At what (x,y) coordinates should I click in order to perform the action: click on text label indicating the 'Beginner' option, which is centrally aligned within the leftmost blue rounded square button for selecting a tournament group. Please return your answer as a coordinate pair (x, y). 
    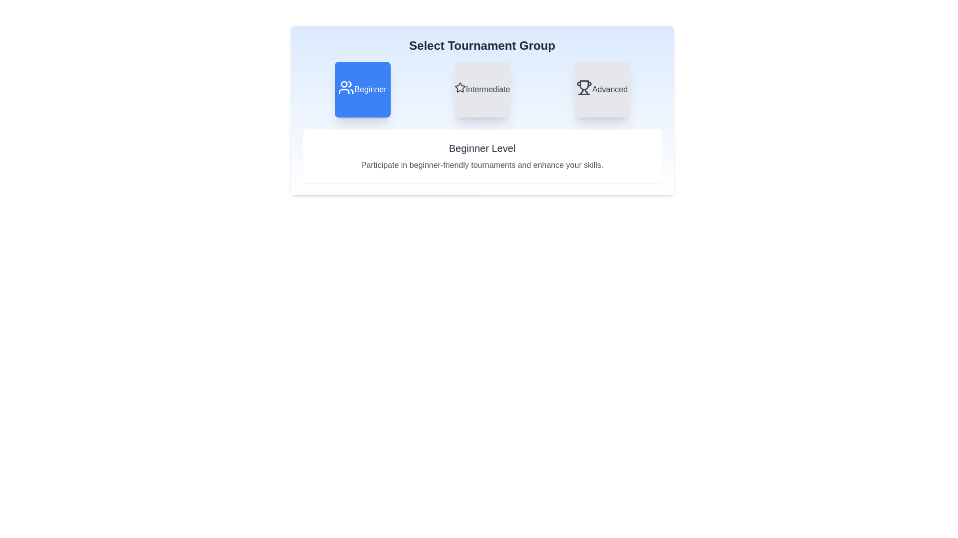
    Looking at the image, I should click on (370, 90).